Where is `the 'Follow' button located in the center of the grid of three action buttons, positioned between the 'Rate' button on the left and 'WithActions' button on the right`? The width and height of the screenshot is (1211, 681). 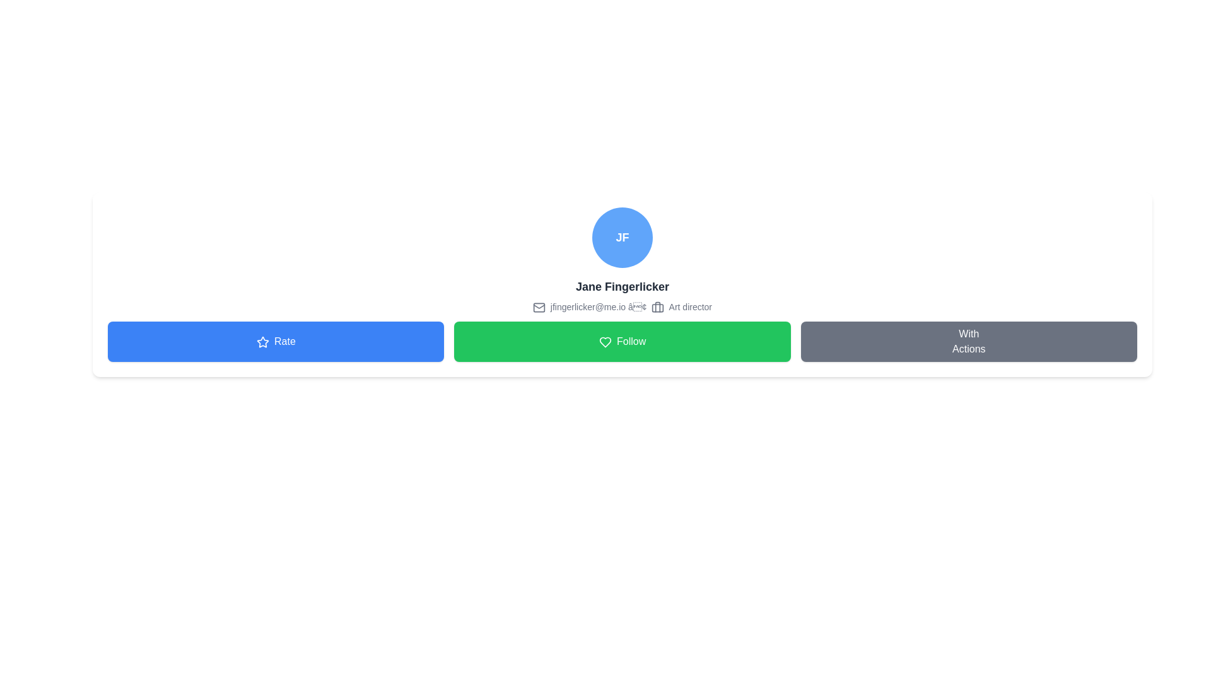 the 'Follow' button located in the center of the grid of three action buttons, positioned between the 'Rate' button on the left and 'WithActions' button on the right is located at coordinates (623, 342).